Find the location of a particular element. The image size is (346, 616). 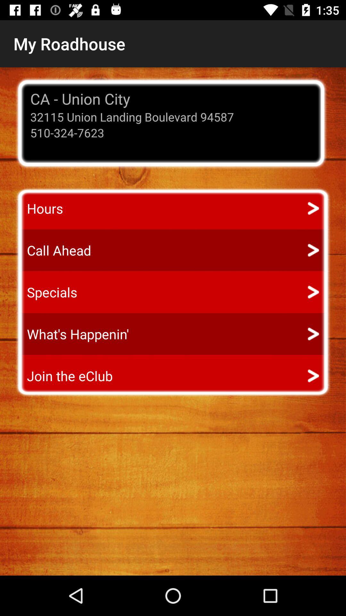

icon above the specials app is located at coordinates (53, 250).